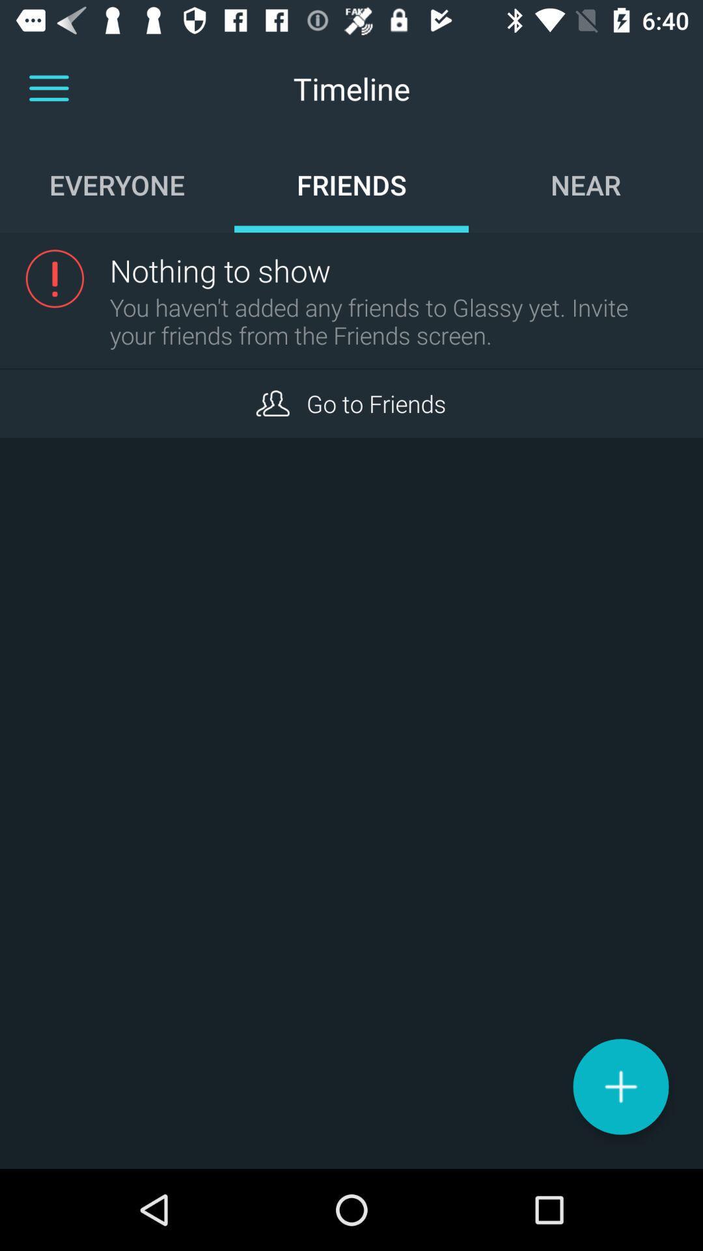 The width and height of the screenshot is (703, 1251). I want to click on different sections, so click(48, 88).